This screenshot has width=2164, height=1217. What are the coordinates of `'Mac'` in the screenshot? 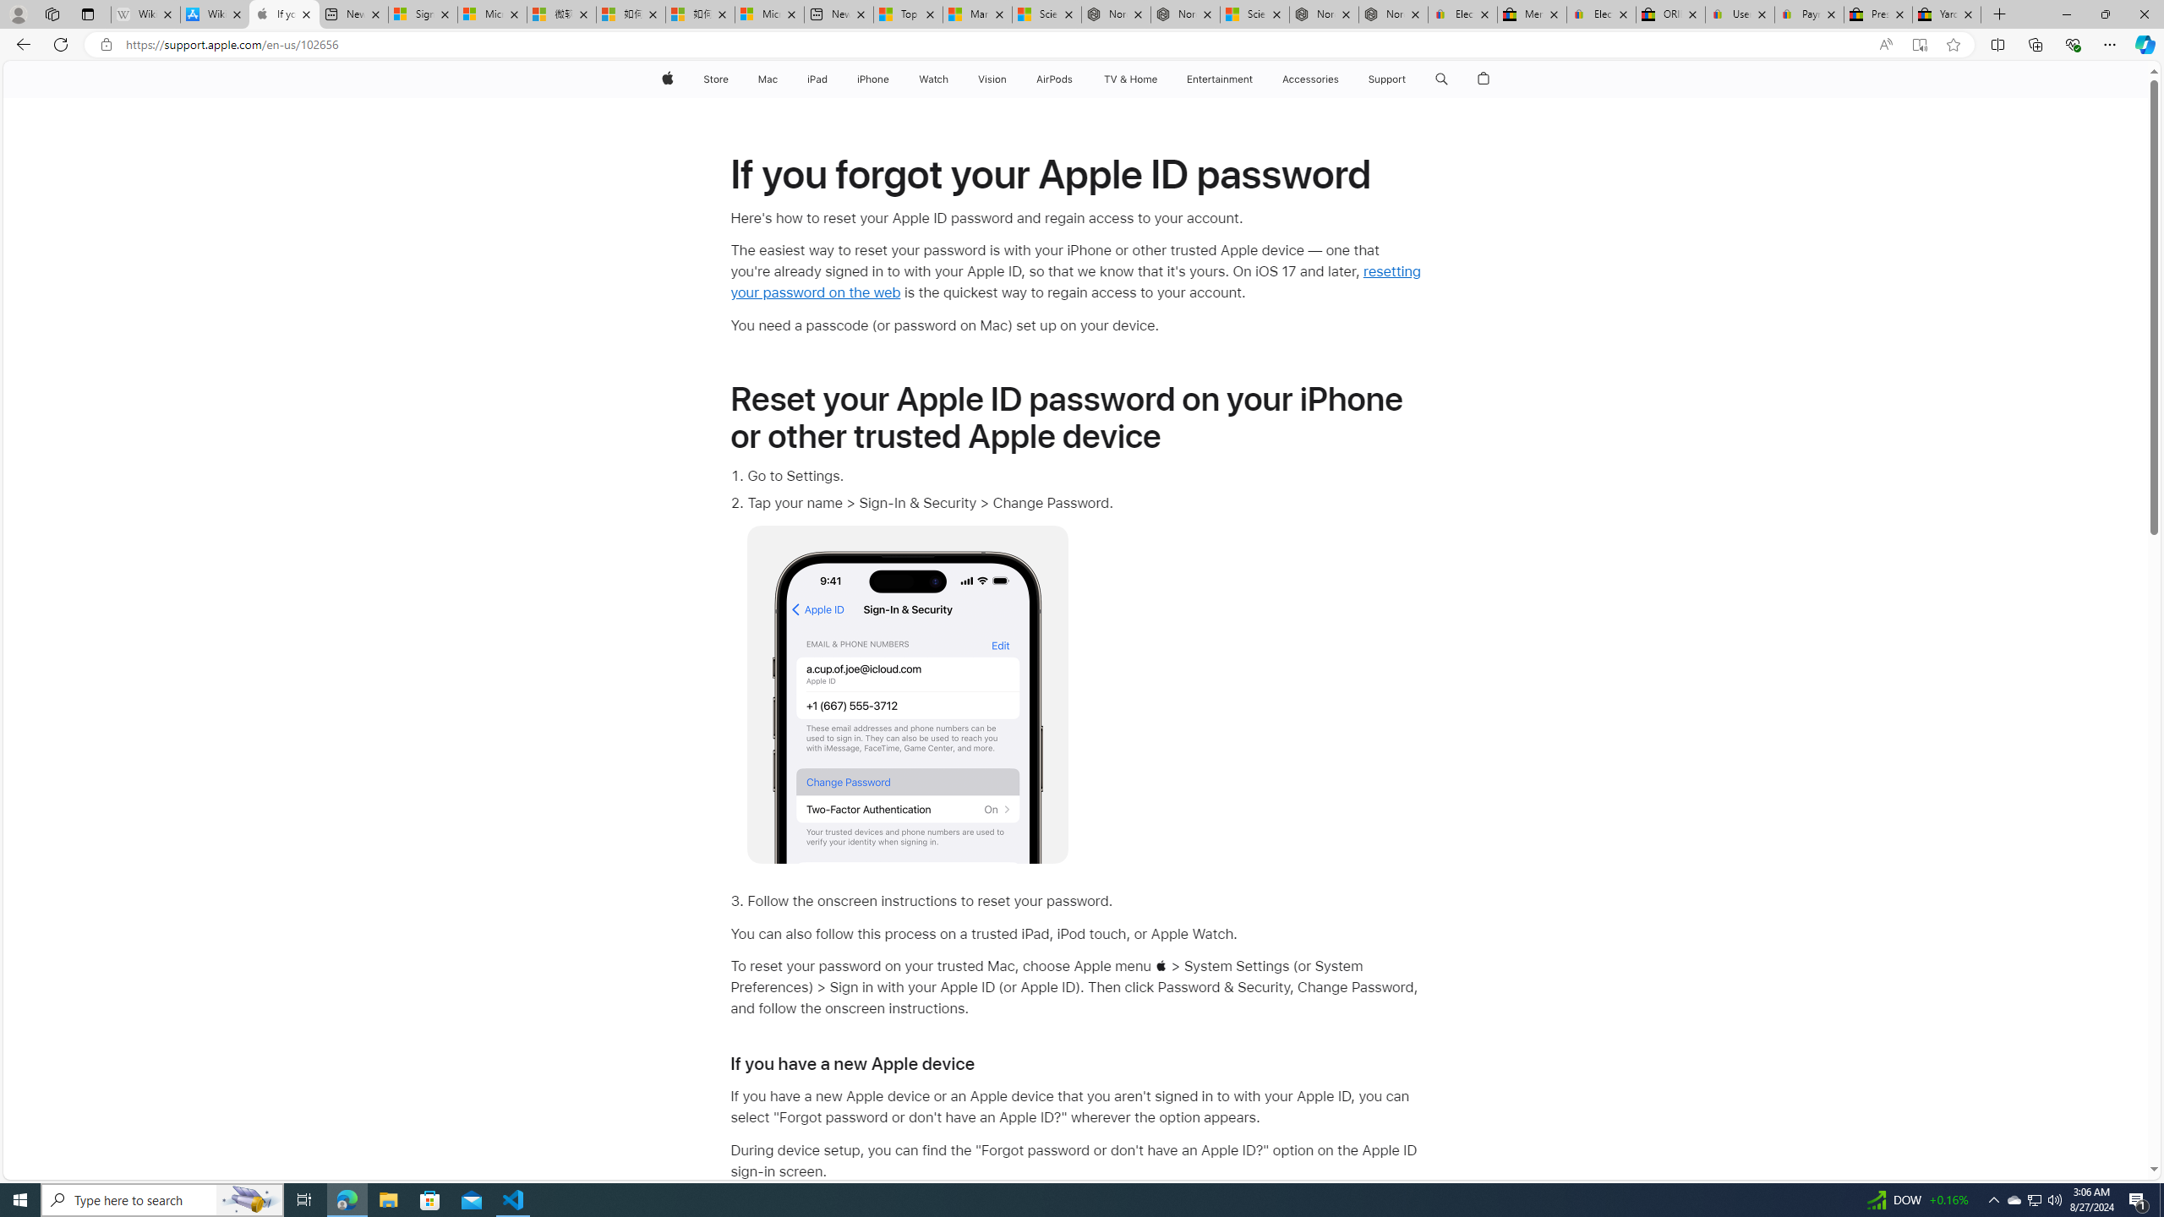 It's located at (766, 79).